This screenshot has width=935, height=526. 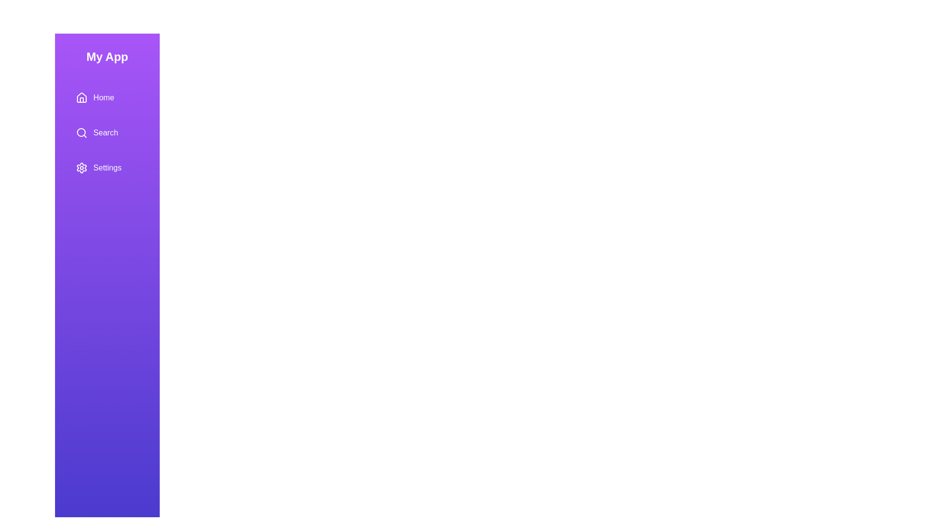 What do you see at coordinates (107, 167) in the screenshot?
I see `the Settings menu option` at bounding box center [107, 167].